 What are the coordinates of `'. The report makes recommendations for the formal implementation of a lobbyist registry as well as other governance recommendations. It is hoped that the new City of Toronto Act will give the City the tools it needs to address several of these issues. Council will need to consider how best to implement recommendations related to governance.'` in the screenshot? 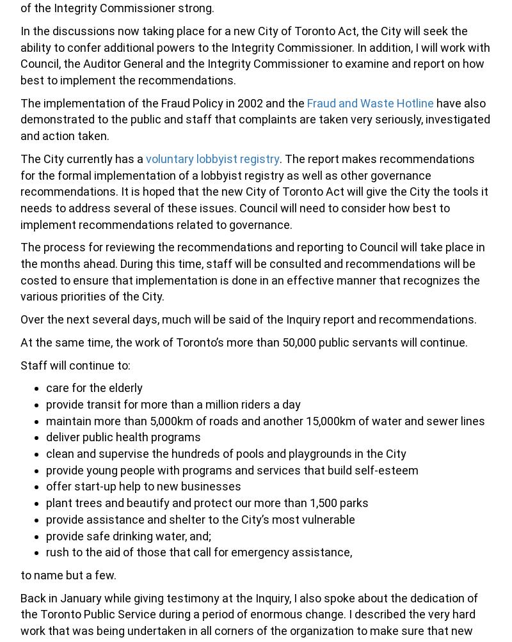 It's located at (253, 191).